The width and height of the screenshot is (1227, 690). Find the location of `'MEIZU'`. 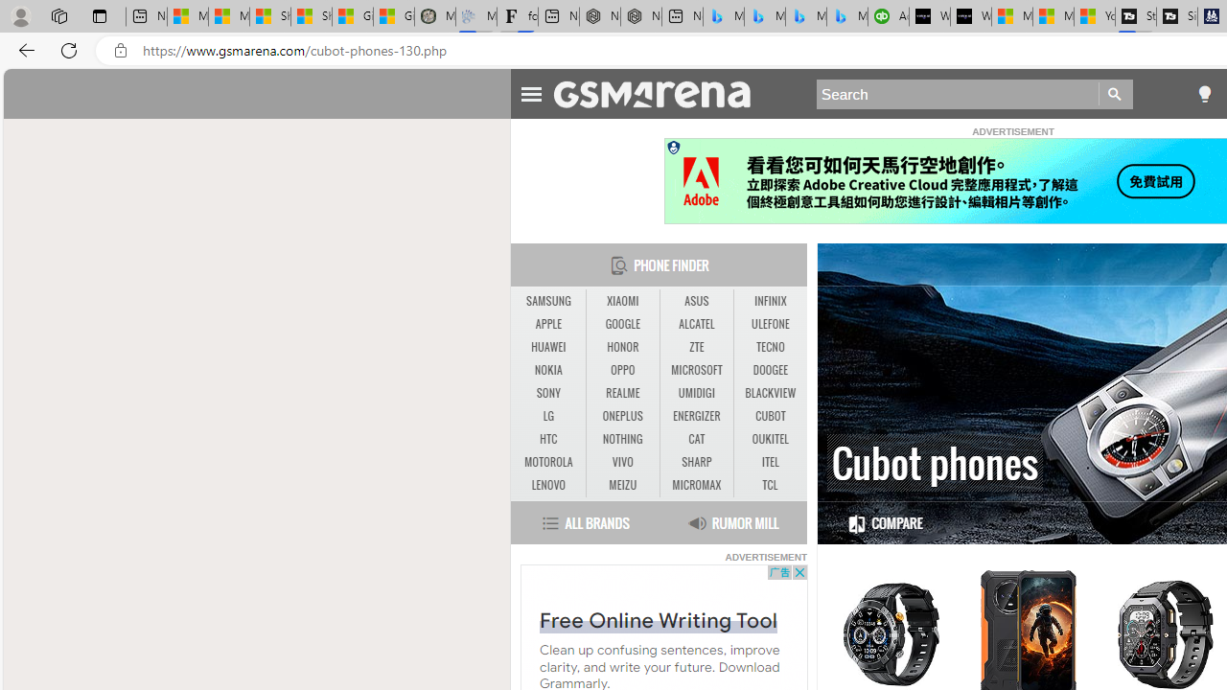

'MEIZU' is located at coordinates (622, 484).